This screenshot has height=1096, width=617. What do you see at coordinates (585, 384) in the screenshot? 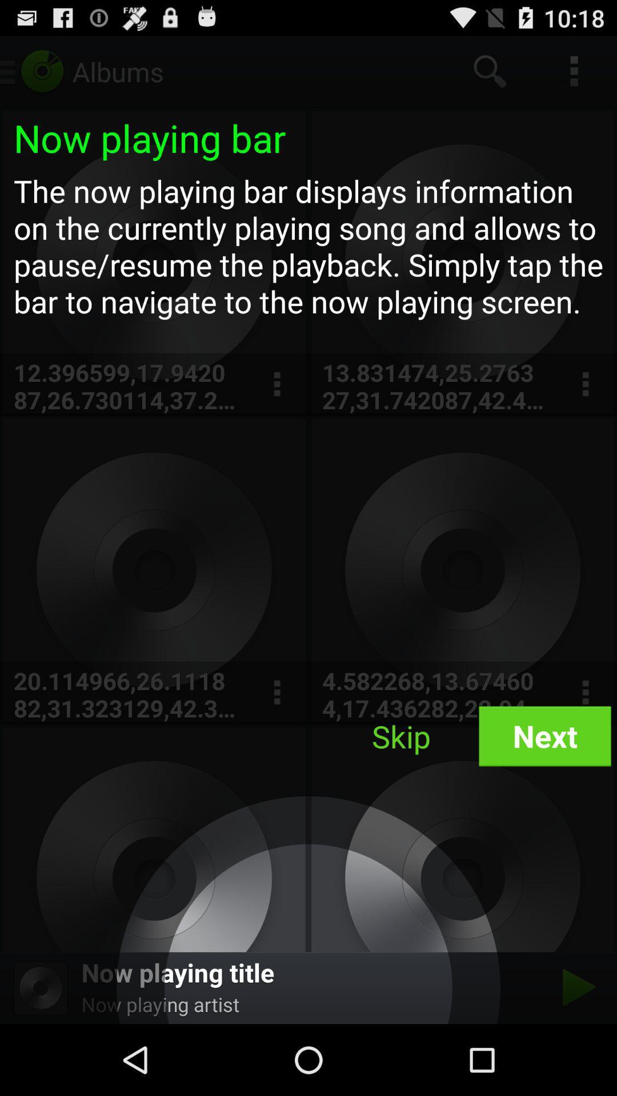
I see `manu button` at bounding box center [585, 384].